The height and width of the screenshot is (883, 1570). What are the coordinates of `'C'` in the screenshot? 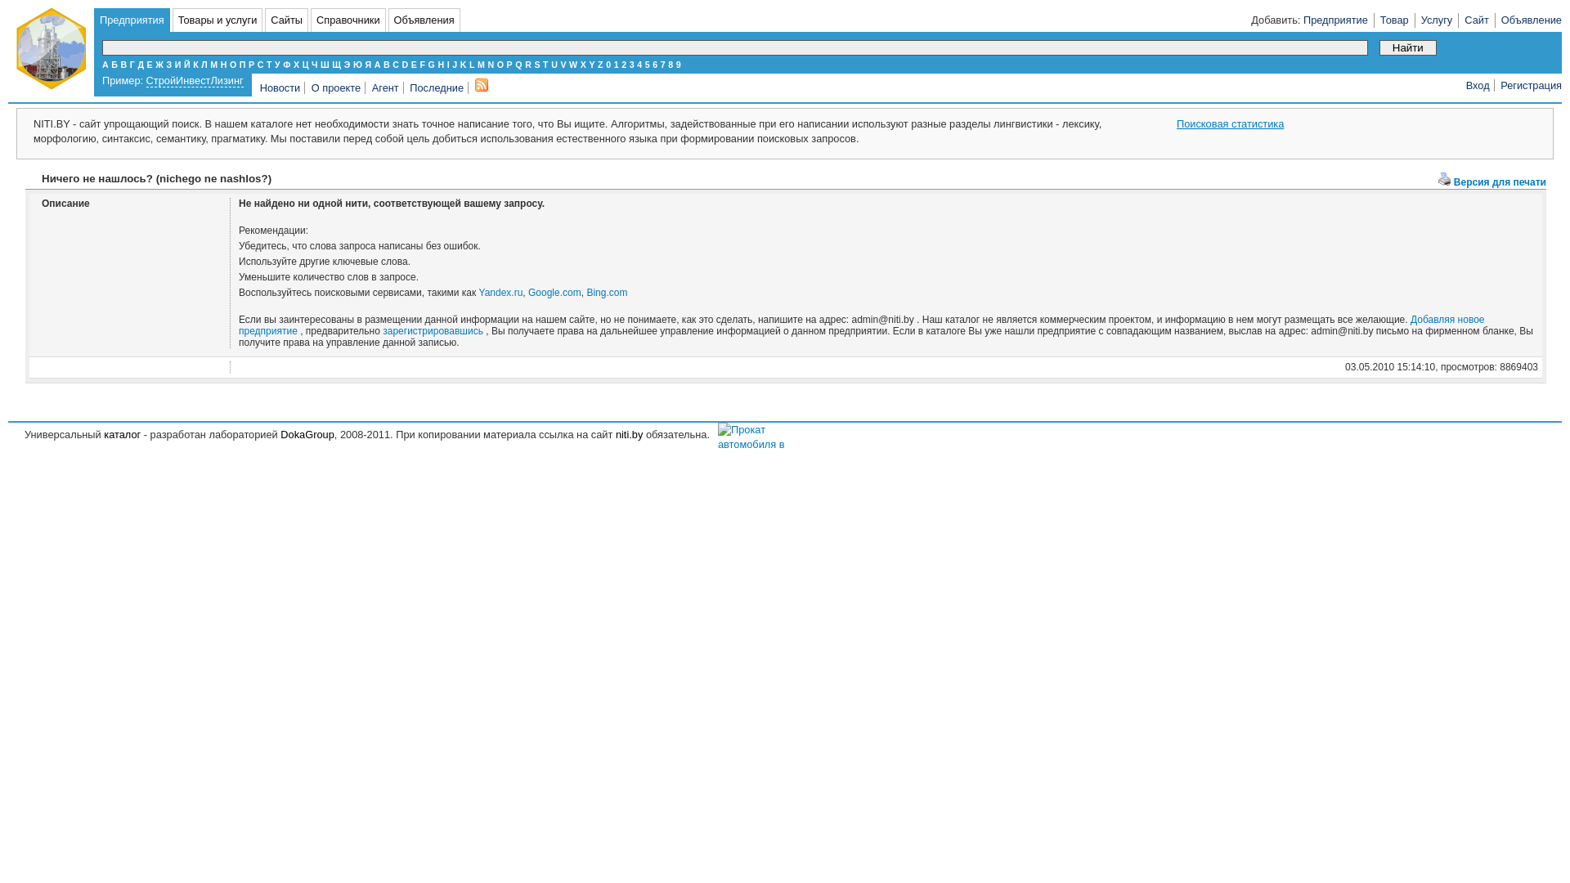 It's located at (396, 63).